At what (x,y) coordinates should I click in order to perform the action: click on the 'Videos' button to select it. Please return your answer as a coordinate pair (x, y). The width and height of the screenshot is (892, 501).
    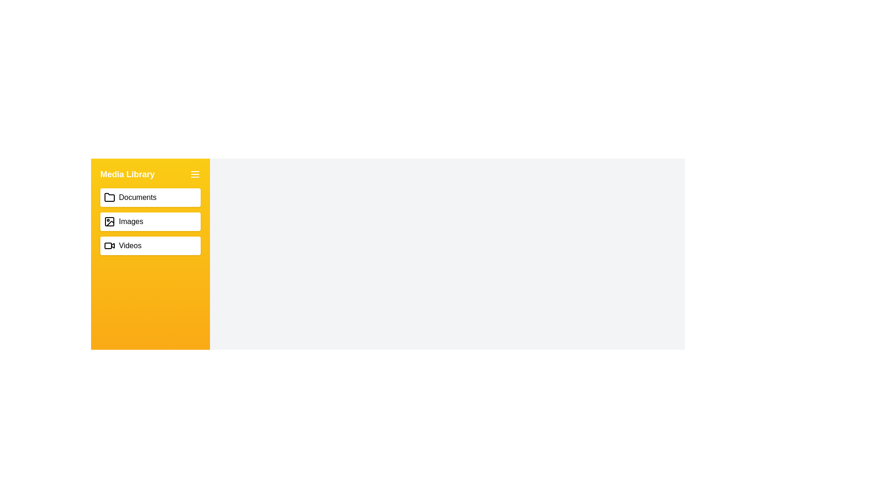
    Looking at the image, I should click on (151, 245).